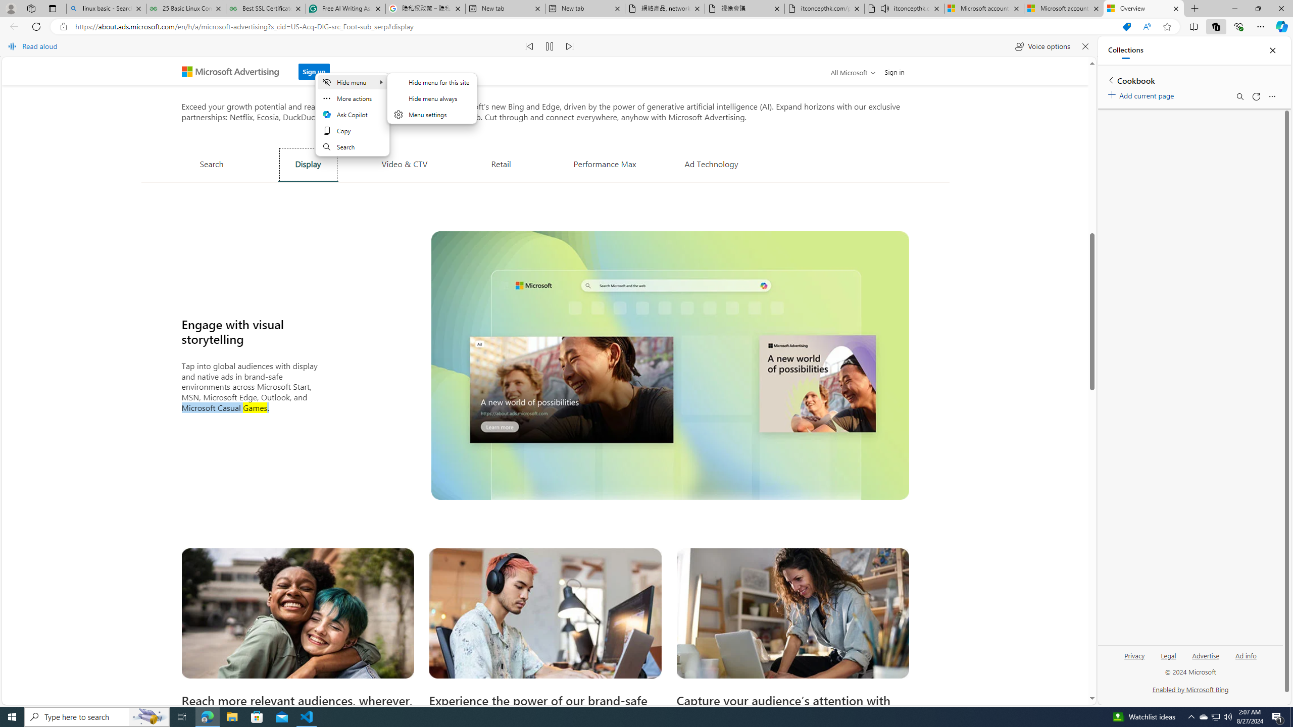 This screenshot has width=1293, height=727. Describe the element at coordinates (712, 163) in the screenshot. I see `'Ad Technology'` at that location.